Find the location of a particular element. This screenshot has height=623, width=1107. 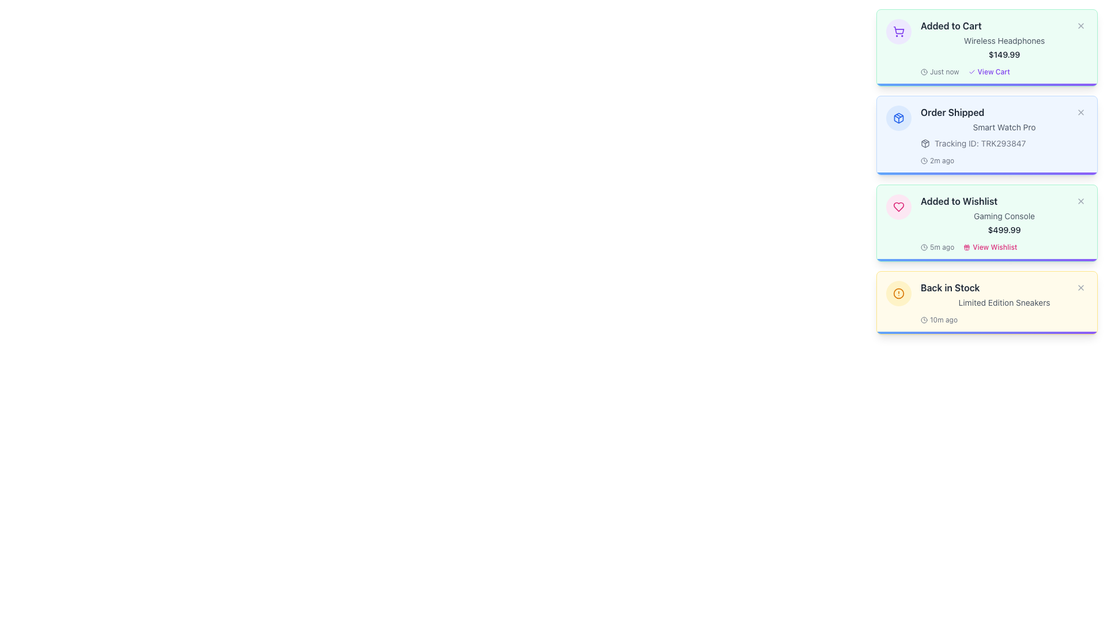

the circular icon indicating 'Back in Stock' notification for options is located at coordinates (898, 292).